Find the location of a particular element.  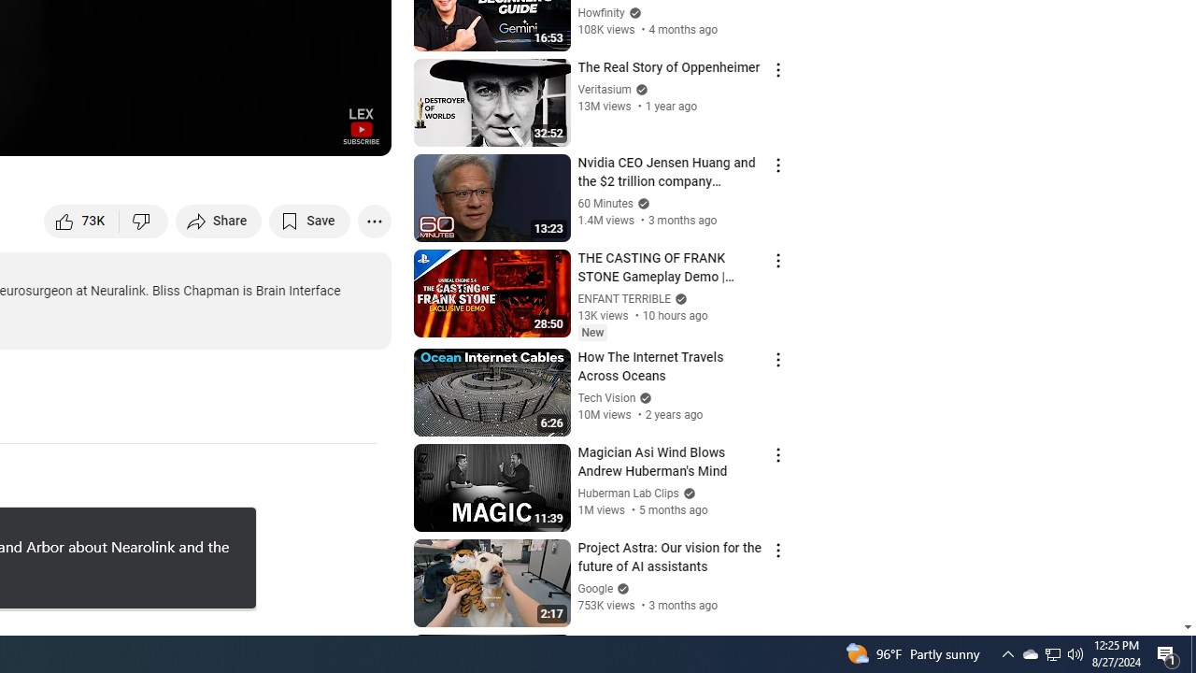

'Subtitles/closed captions unavailable' is located at coordinates (178, 132).